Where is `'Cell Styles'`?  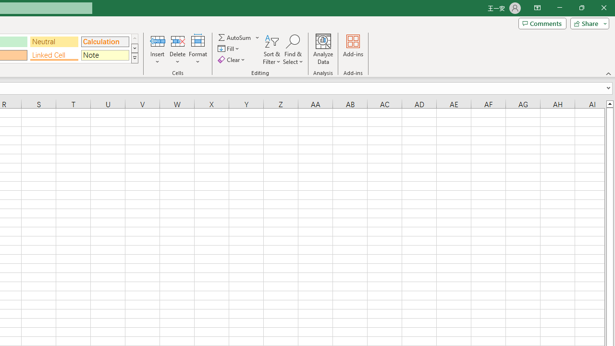 'Cell Styles' is located at coordinates (134, 58).